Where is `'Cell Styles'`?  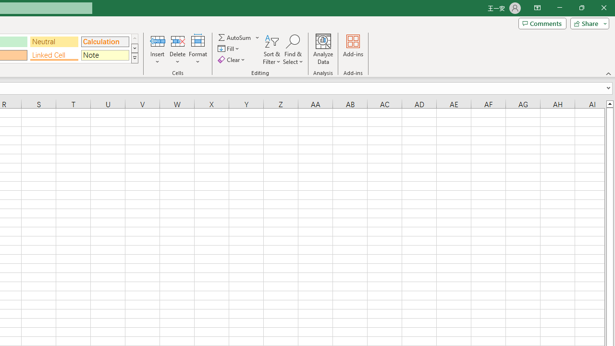 'Cell Styles' is located at coordinates (134, 58).